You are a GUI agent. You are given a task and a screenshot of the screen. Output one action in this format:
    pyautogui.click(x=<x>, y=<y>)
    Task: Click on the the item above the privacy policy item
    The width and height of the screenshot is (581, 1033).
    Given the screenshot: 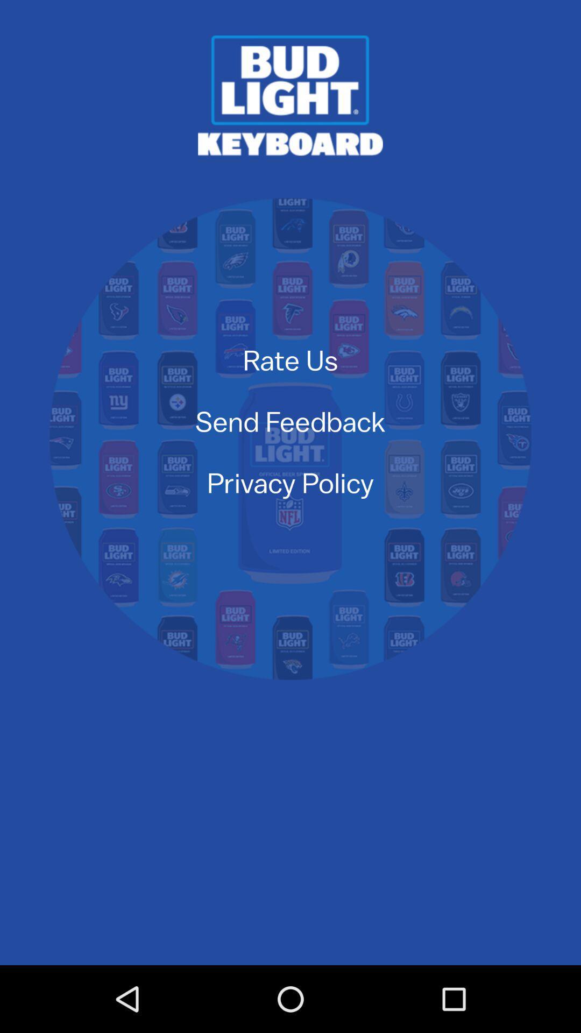 What is the action you would take?
    pyautogui.click(x=290, y=420)
    